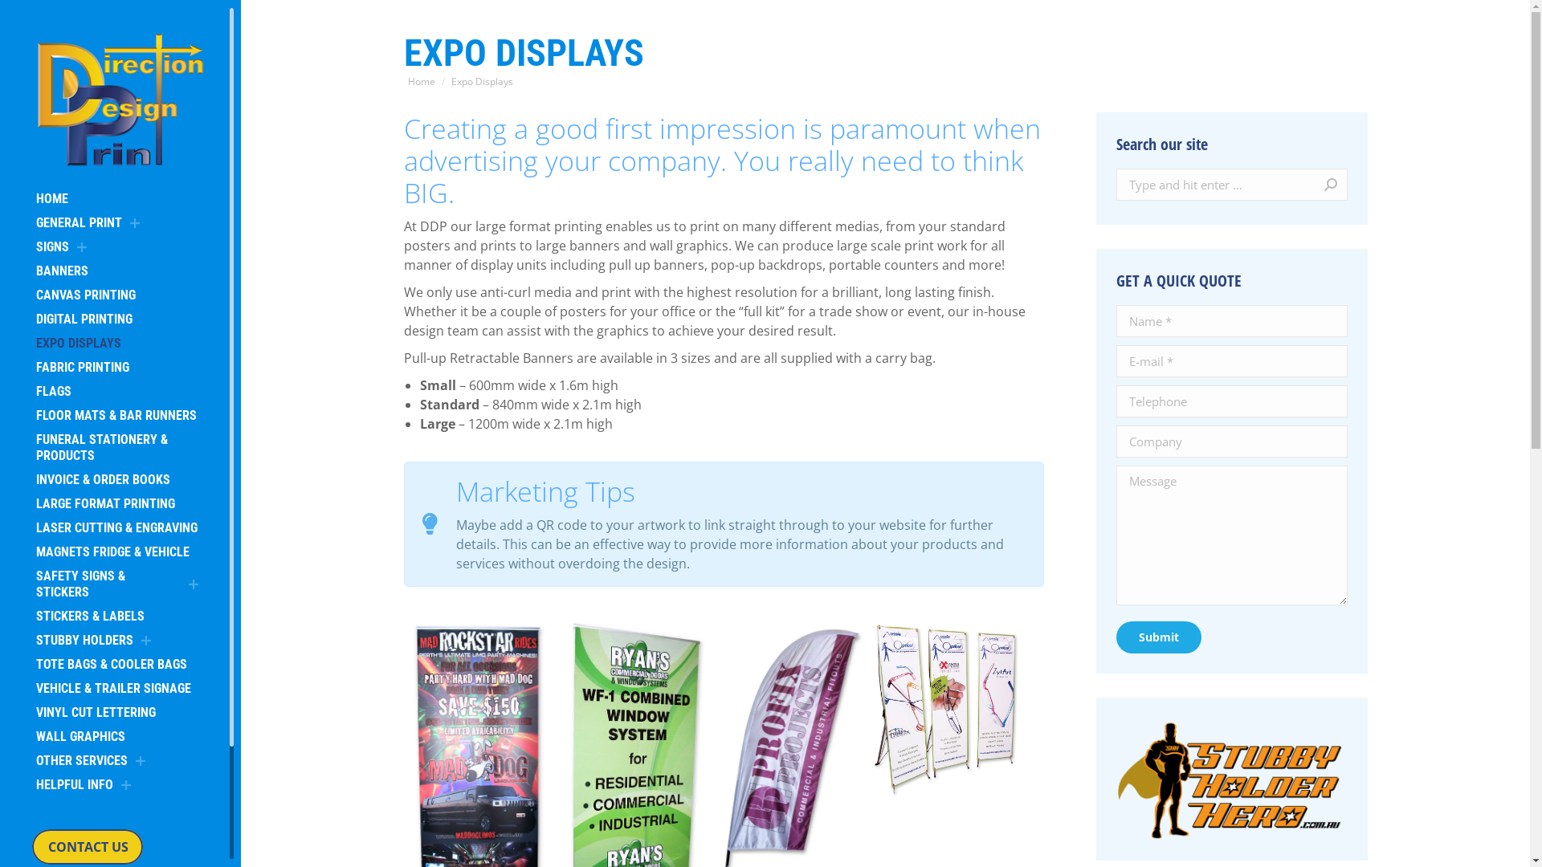  Describe the element at coordinates (1314, 184) in the screenshot. I see `'Go!'` at that location.